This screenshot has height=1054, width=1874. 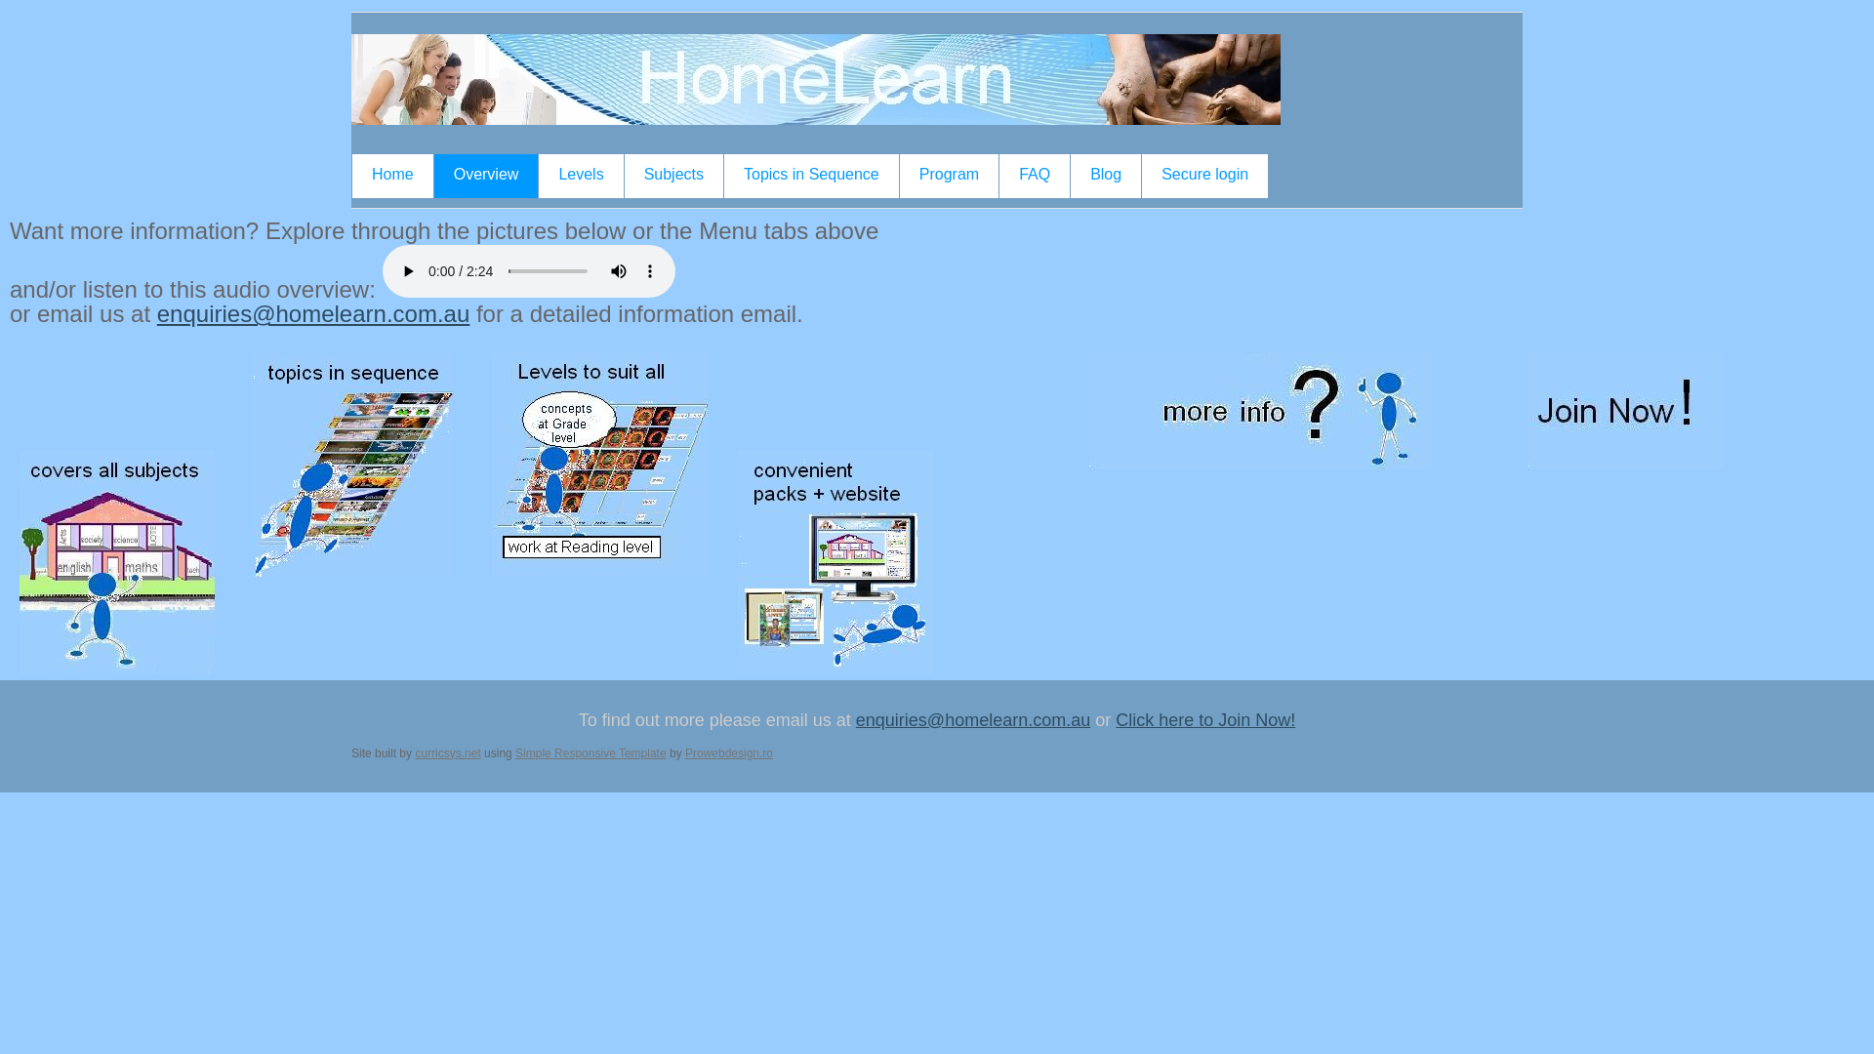 What do you see at coordinates (313, 312) in the screenshot?
I see `'enquiries@homelearn.com.au'` at bounding box center [313, 312].